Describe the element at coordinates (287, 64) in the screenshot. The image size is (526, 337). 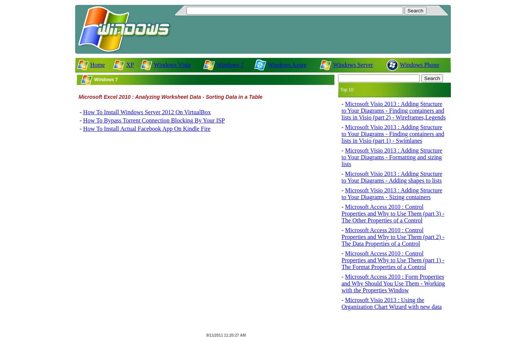
I see `'Windows Azure'` at that location.